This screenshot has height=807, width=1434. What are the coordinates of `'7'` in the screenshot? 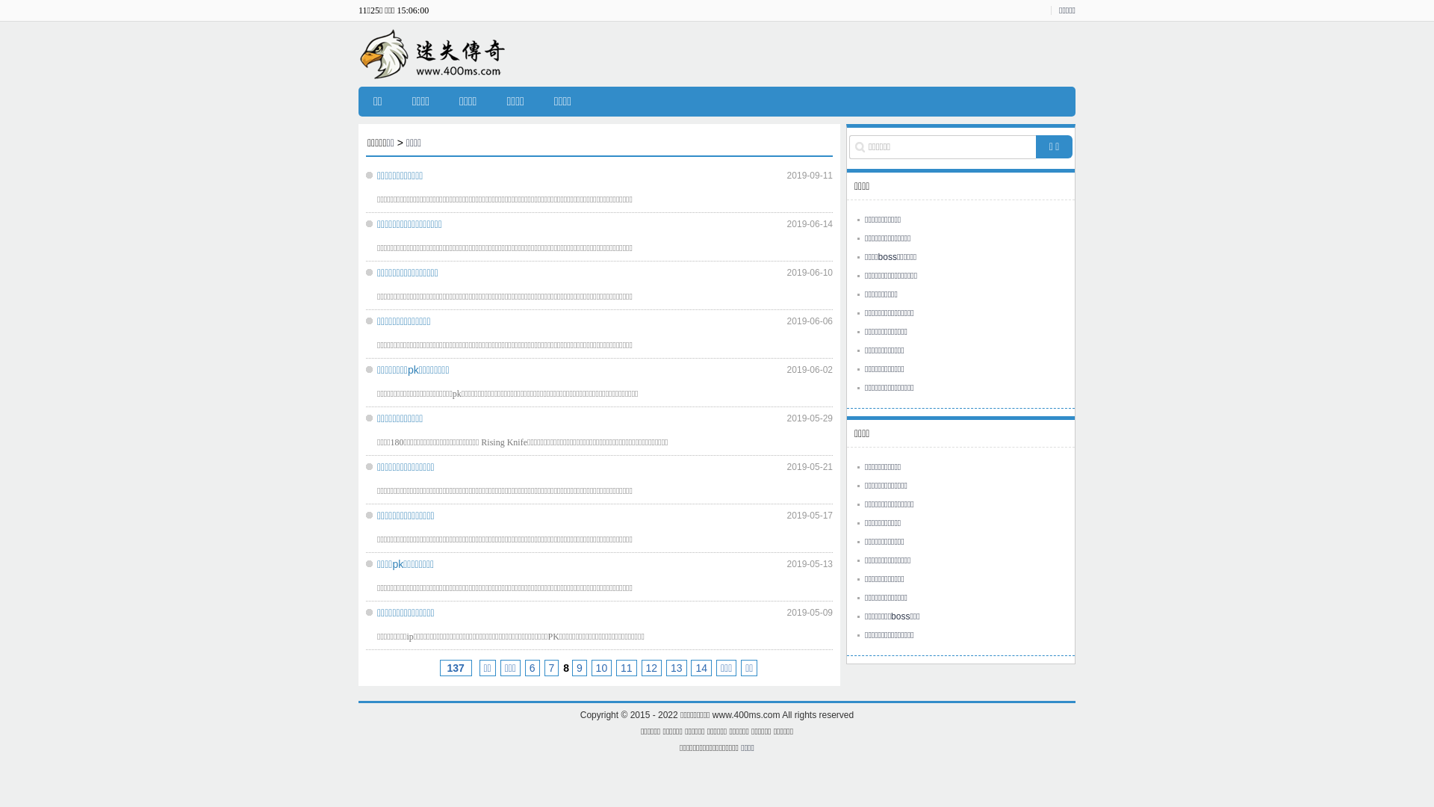 It's located at (551, 667).